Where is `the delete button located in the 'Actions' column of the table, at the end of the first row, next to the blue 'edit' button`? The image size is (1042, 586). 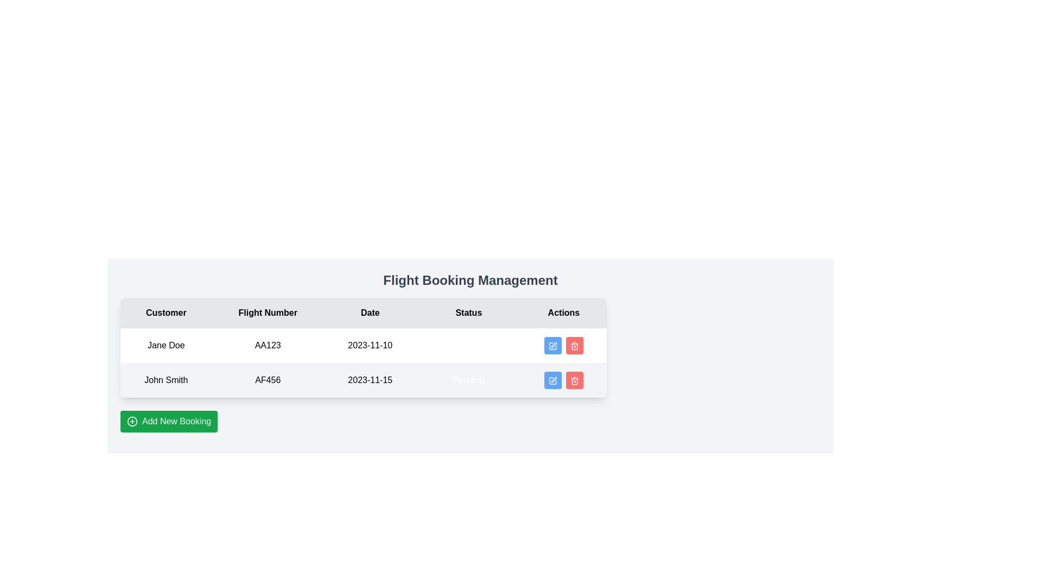 the delete button located in the 'Actions' column of the table, at the end of the first row, next to the blue 'edit' button is located at coordinates (574, 345).